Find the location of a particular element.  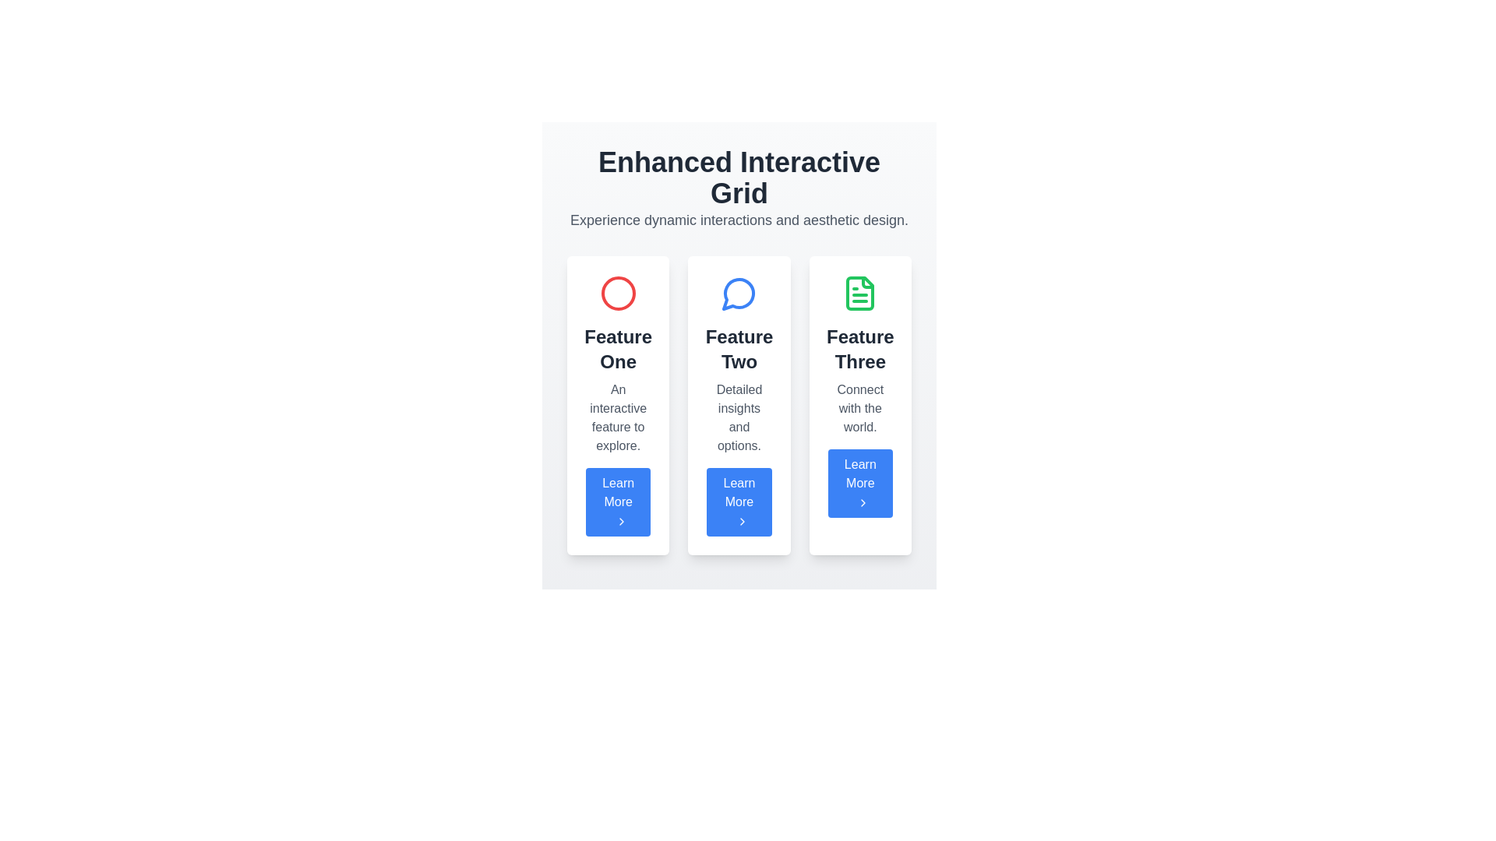

the visual cue direction of the right-pointing chevron arrow icon located inside the 'Learn More' button, which is styled with a thin stroke and no fill is located at coordinates (620, 521).